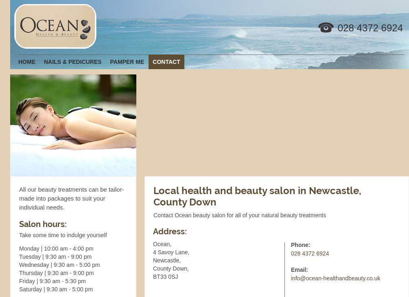  What do you see at coordinates (56, 249) in the screenshot?
I see `'Monday | 10:00 am - 4:00 pm'` at bounding box center [56, 249].